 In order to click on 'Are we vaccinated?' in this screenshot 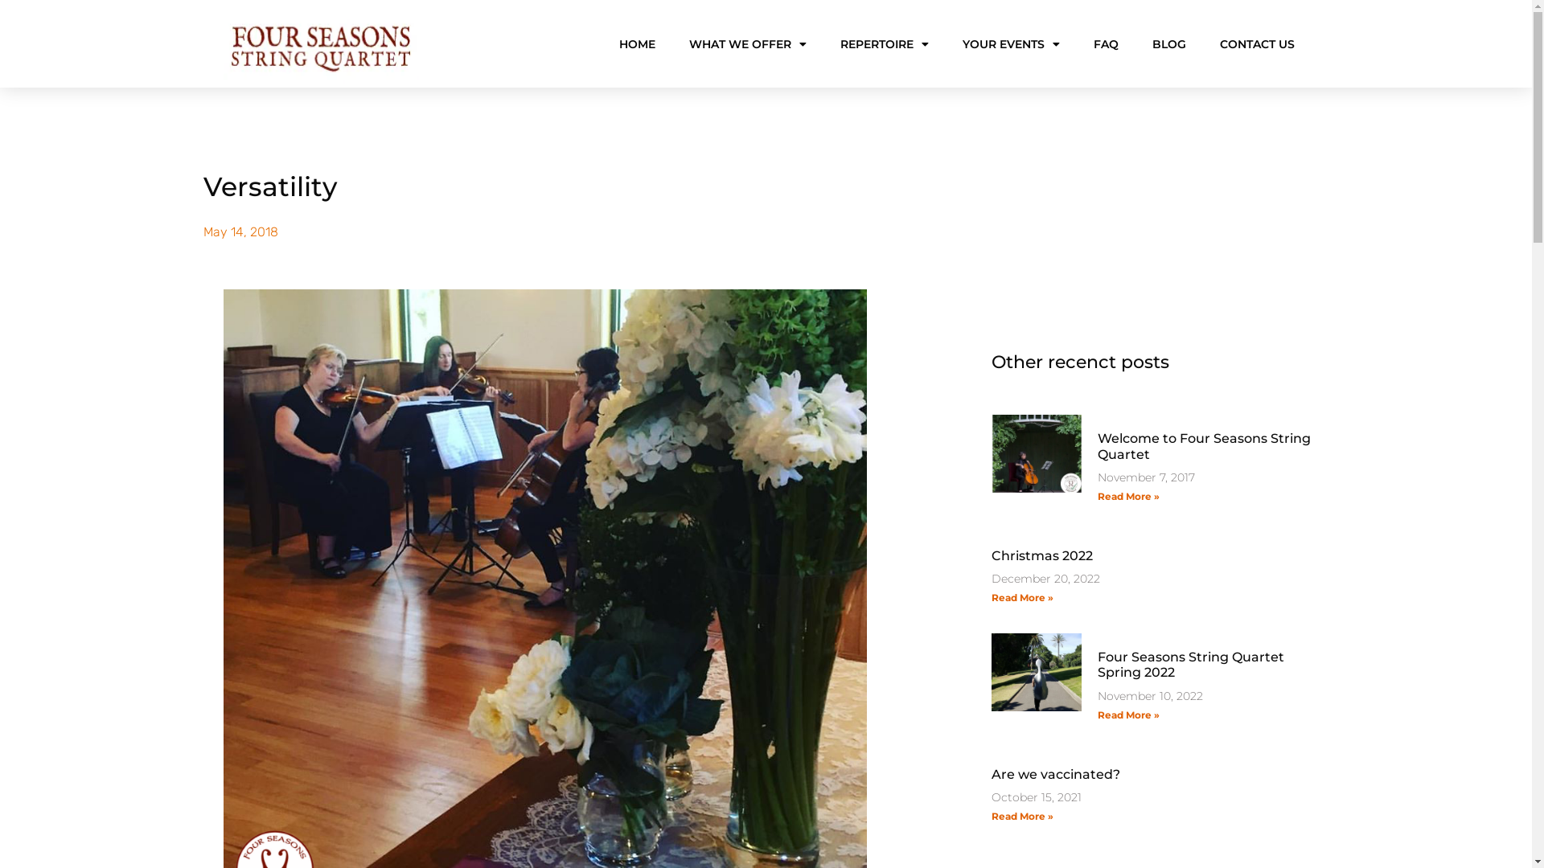, I will do `click(1054, 773)`.